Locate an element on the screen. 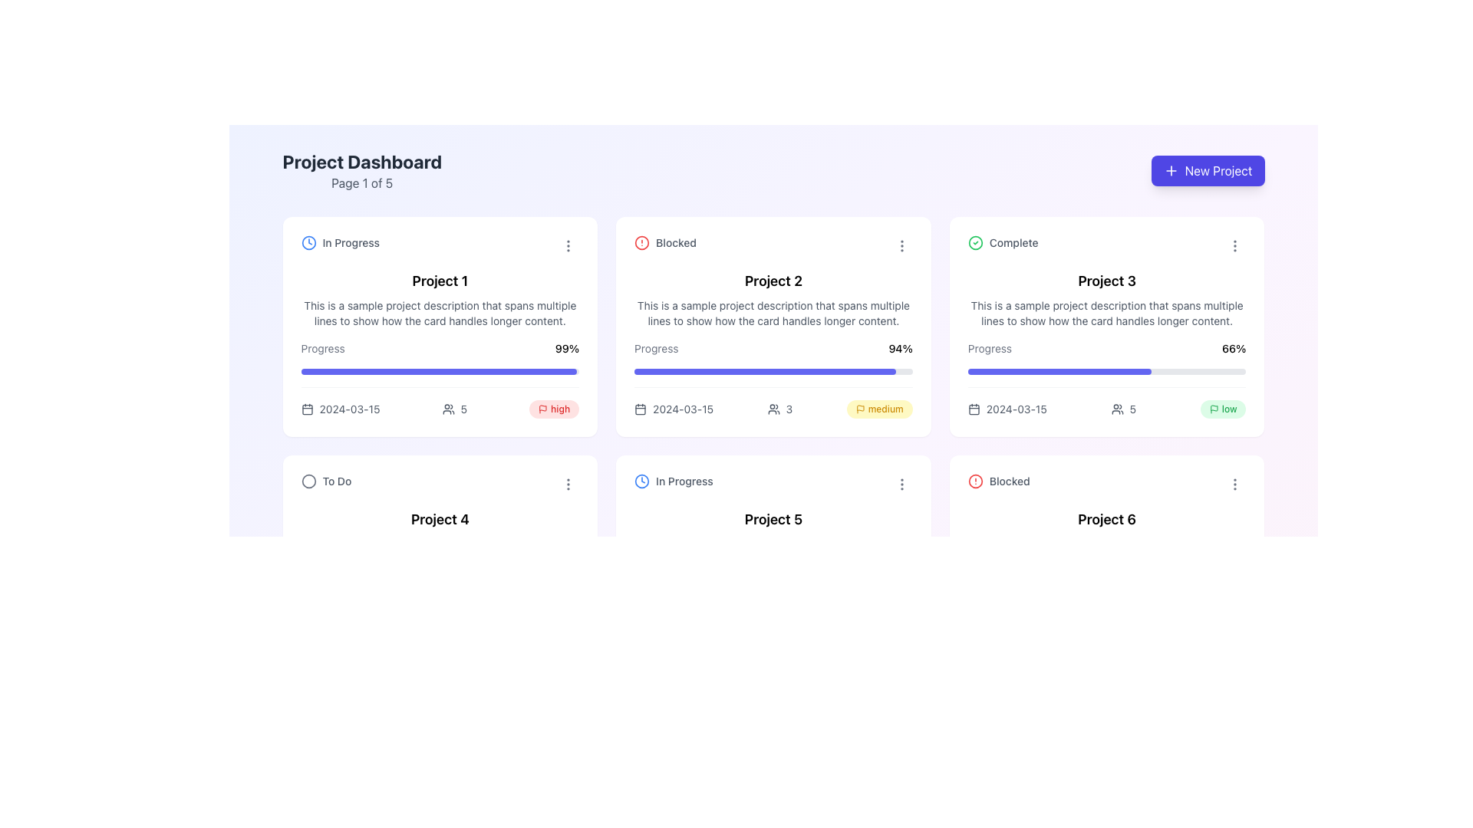 The height and width of the screenshot is (828, 1473). the status indicator located in the top-left corner of the 'Project 3' card, which visually indicates the completion status of the project with text and an icon is located at coordinates (1003, 242).